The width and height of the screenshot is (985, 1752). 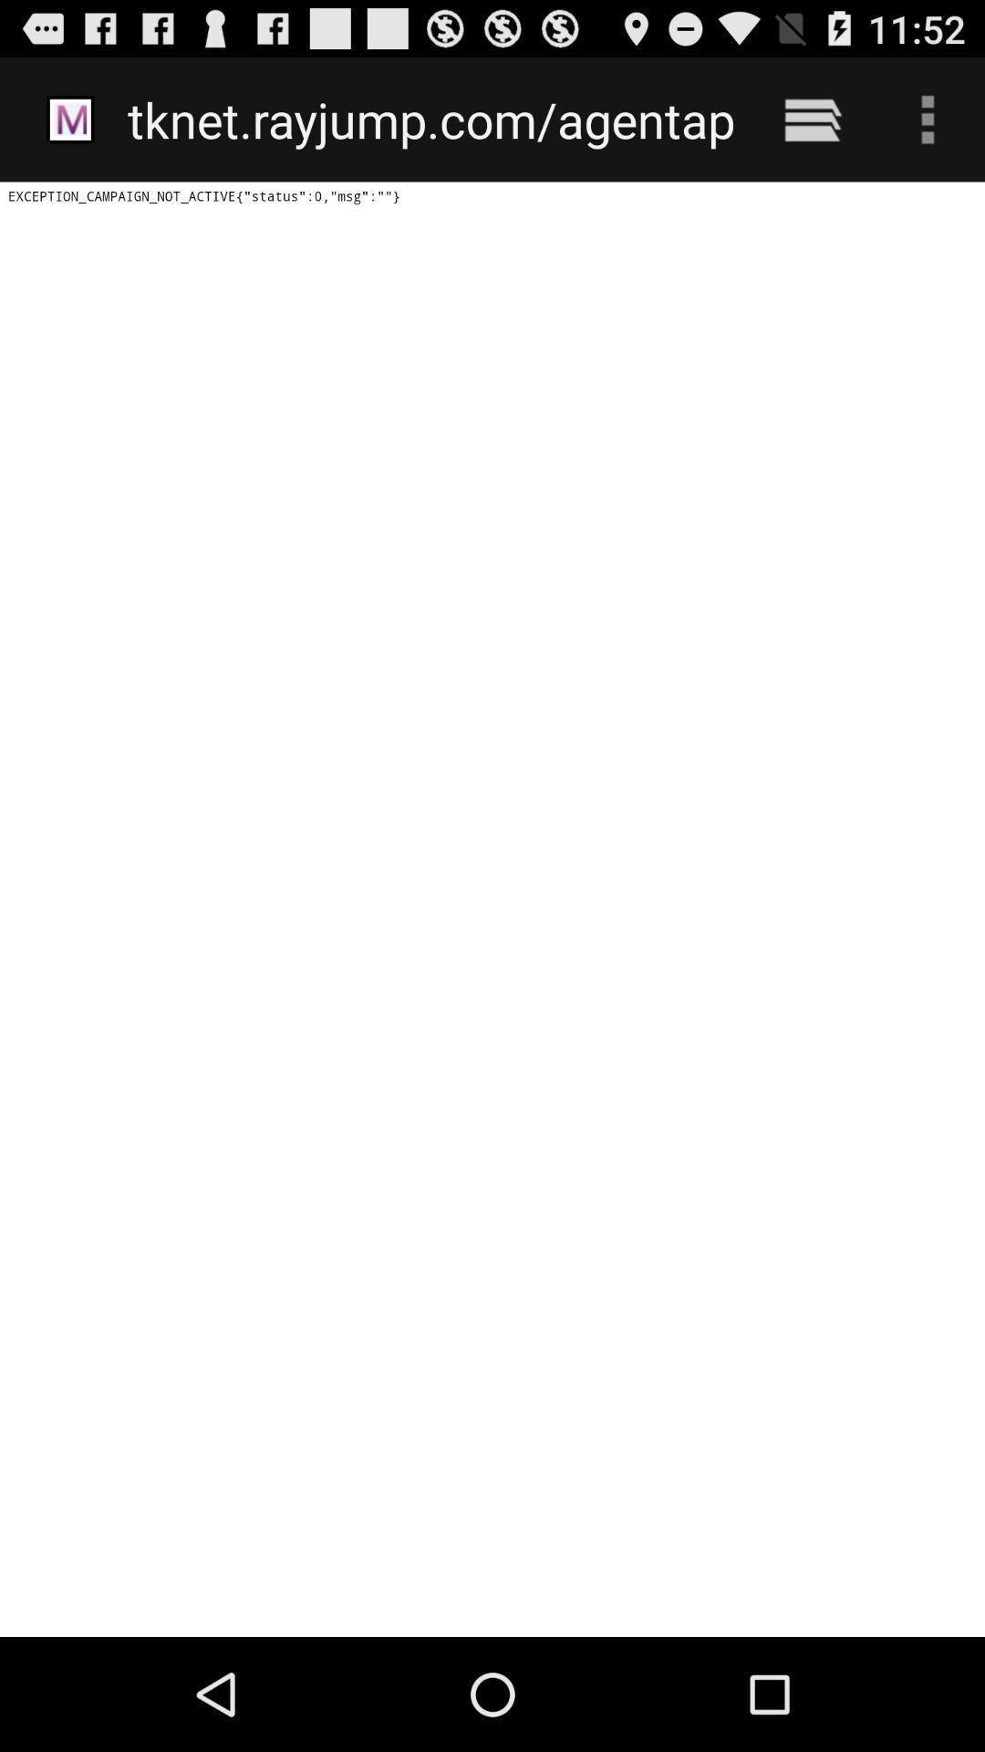 What do you see at coordinates (493, 909) in the screenshot?
I see `icon at the center` at bounding box center [493, 909].